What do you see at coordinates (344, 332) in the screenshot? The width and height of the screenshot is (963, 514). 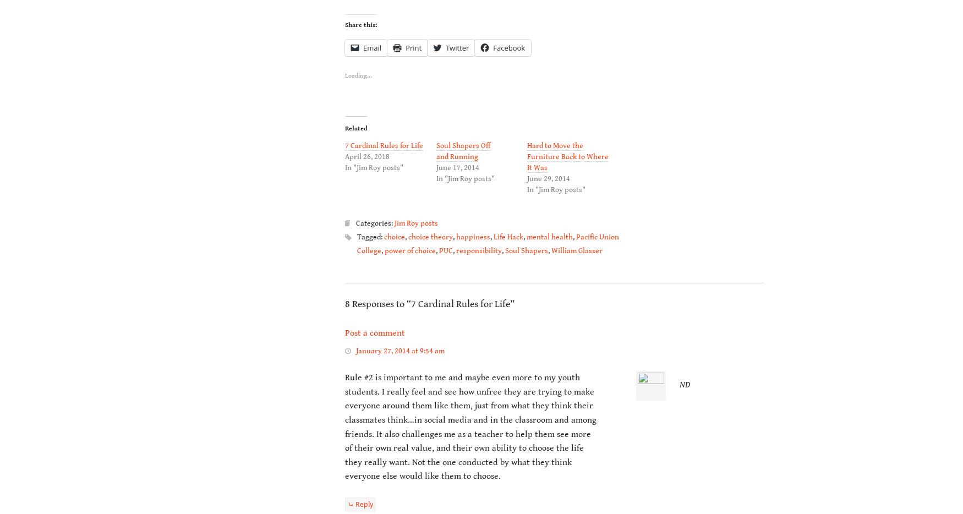 I see `'Post a comment'` at bounding box center [344, 332].